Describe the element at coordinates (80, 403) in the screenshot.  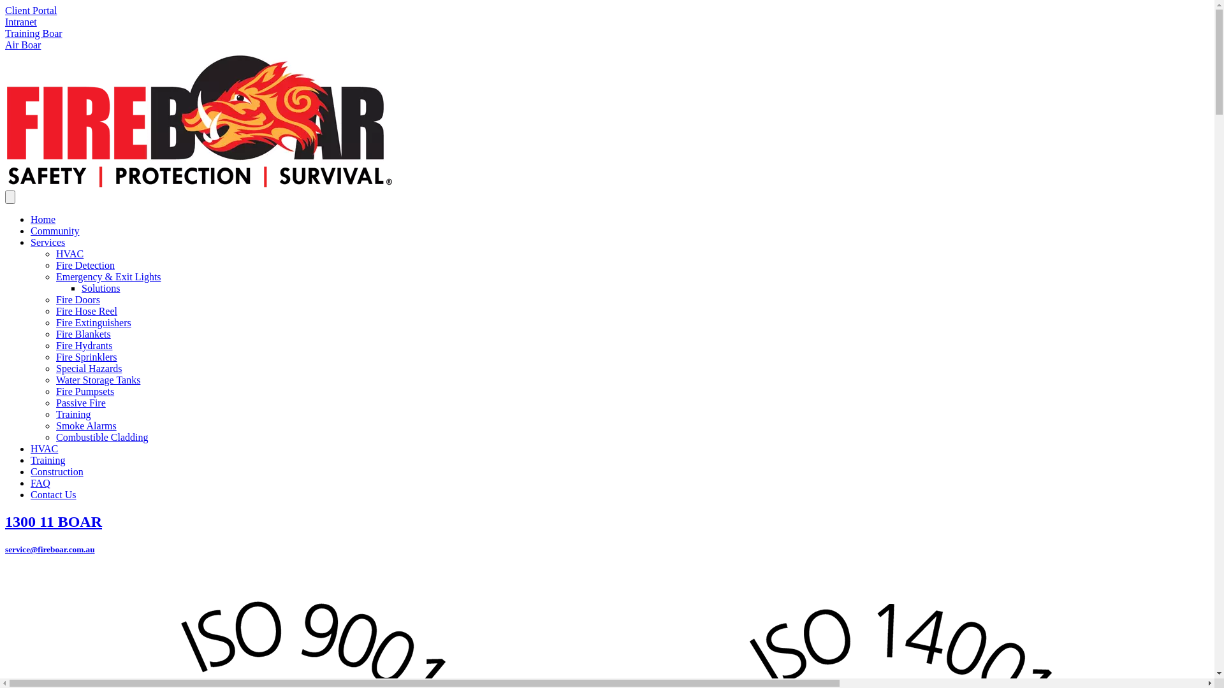
I see `'Passive Fire'` at that location.